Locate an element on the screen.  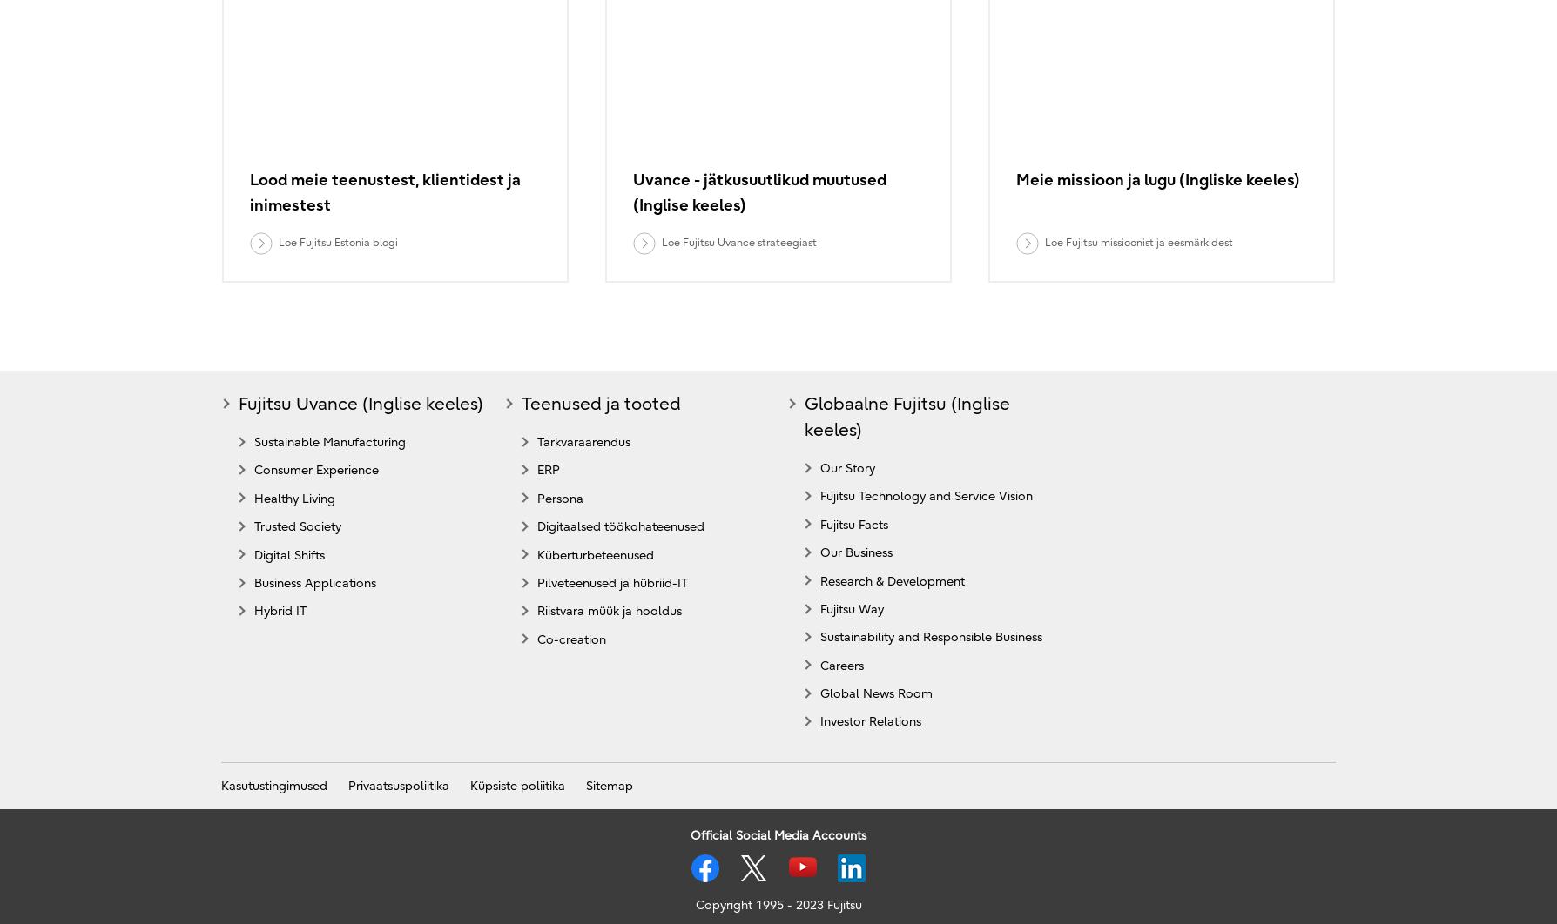
'Fujitsu Way' is located at coordinates (852, 608).